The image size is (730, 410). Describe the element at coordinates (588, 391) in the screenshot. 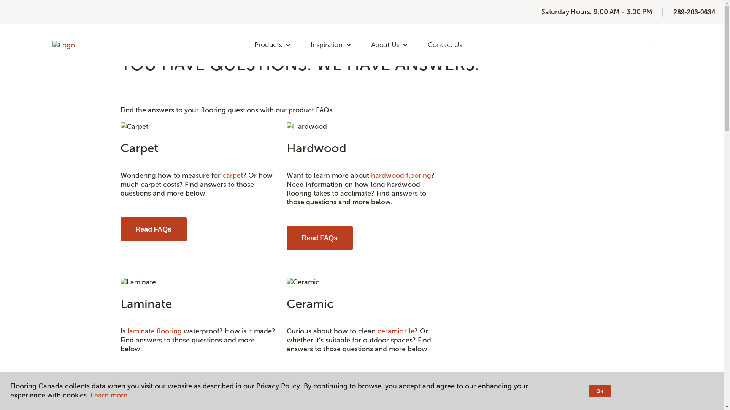

I see `'Ok'` at that location.